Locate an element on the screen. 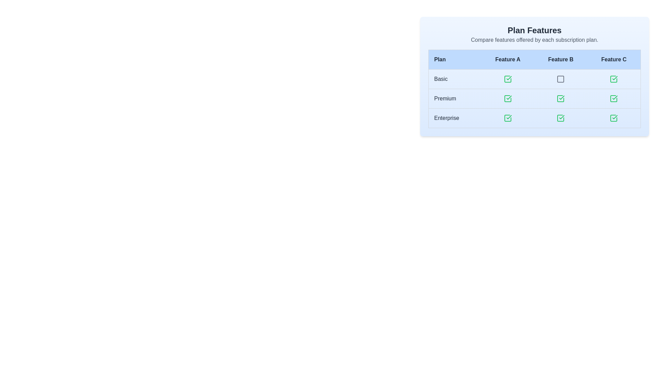 The width and height of the screenshot is (658, 370). the green checkmark icon in the bottom row and rightmost column of the grid representing the 'Enterprise' plan under 'Feature C' is located at coordinates (614, 118).